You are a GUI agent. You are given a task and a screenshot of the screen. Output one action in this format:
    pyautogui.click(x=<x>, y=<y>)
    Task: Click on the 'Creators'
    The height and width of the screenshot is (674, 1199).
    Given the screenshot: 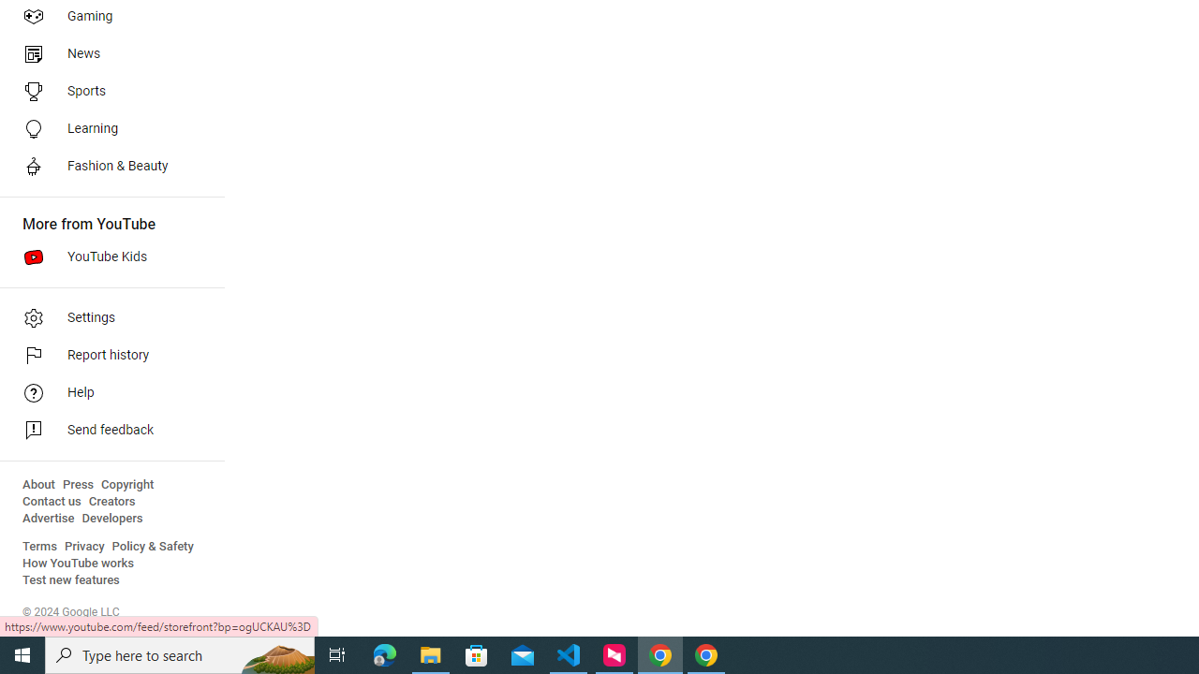 What is the action you would take?
    pyautogui.click(x=111, y=501)
    